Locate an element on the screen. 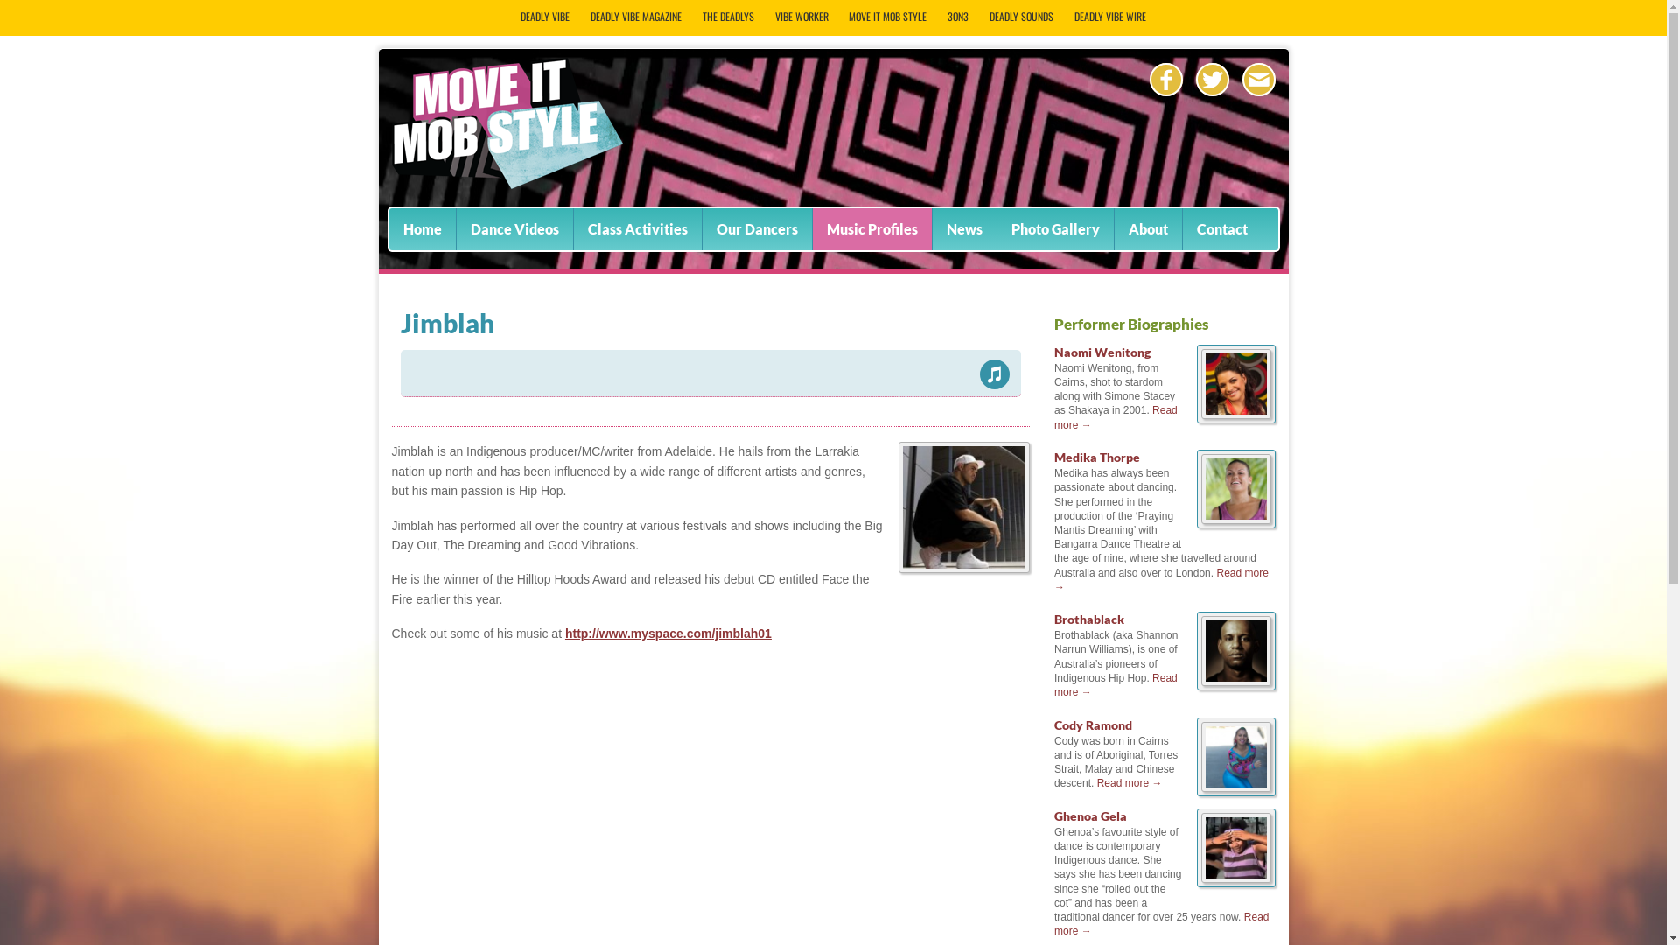  'Dance Videos' is located at coordinates (514, 228).